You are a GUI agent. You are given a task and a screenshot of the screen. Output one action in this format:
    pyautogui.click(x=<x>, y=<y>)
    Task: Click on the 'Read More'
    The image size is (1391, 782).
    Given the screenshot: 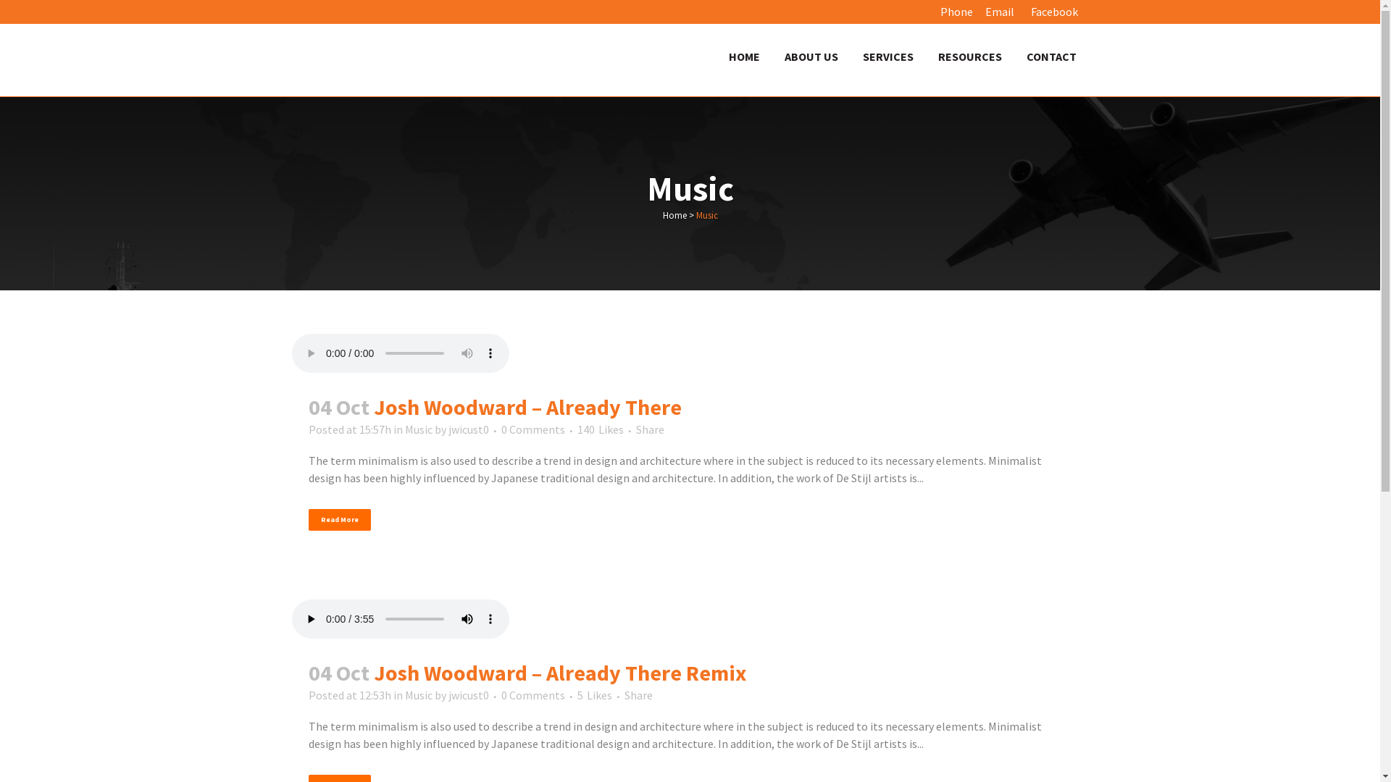 What is the action you would take?
    pyautogui.click(x=339, y=518)
    